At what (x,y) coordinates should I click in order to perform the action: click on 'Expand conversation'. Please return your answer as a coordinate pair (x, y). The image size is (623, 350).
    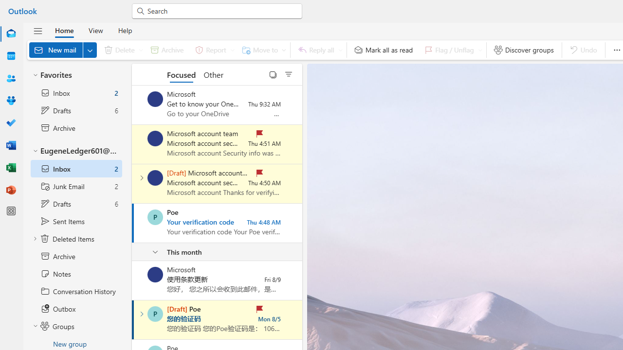
    Looking at the image, I should click on (141, 314).